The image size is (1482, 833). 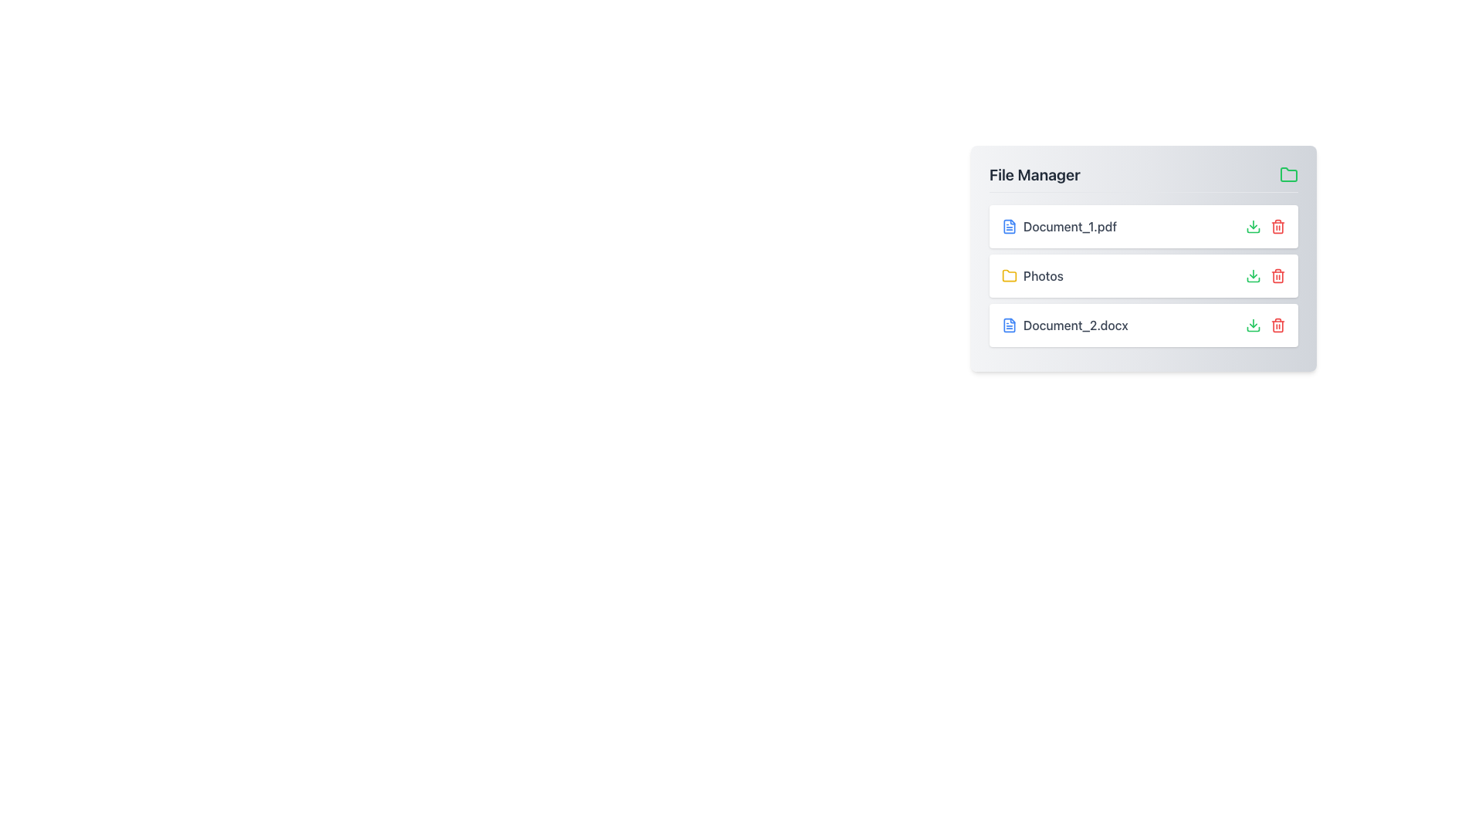 What do you see at coordinates (1010, 275) in the screenshot?
I see `the yellow folder icon located in the 'File Manager' panel, positioned near the top-right corner, aligned to the right side of the title 'File Manager'` at bounding box center [1010, 275].